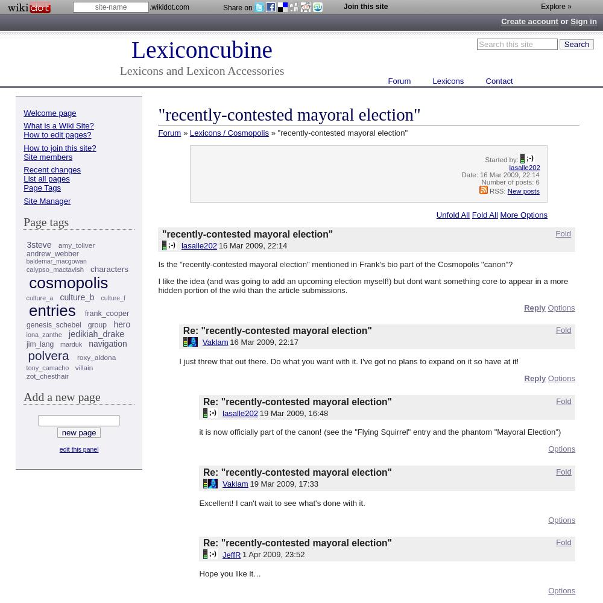 This screenshot has height=603, width=603. I want to click on 'List all pages', so click(46, 178).